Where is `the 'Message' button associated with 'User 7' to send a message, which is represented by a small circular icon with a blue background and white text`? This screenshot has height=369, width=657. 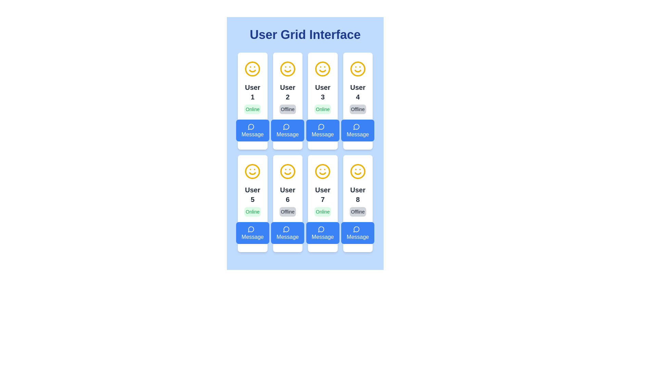 the 'Message' button associated with 'User 7' to send a message, which is represented by a small circular icon with a blue background and white text is located at coordinates (321, 229).